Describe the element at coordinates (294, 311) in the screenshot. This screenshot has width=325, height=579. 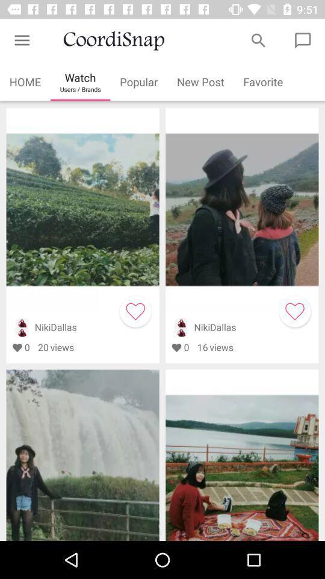
I see `click the like option` at that location.